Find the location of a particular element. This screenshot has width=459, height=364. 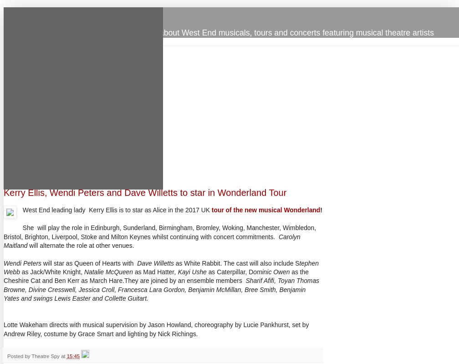

'ominic Owen' is located at coordinates (271, 272).